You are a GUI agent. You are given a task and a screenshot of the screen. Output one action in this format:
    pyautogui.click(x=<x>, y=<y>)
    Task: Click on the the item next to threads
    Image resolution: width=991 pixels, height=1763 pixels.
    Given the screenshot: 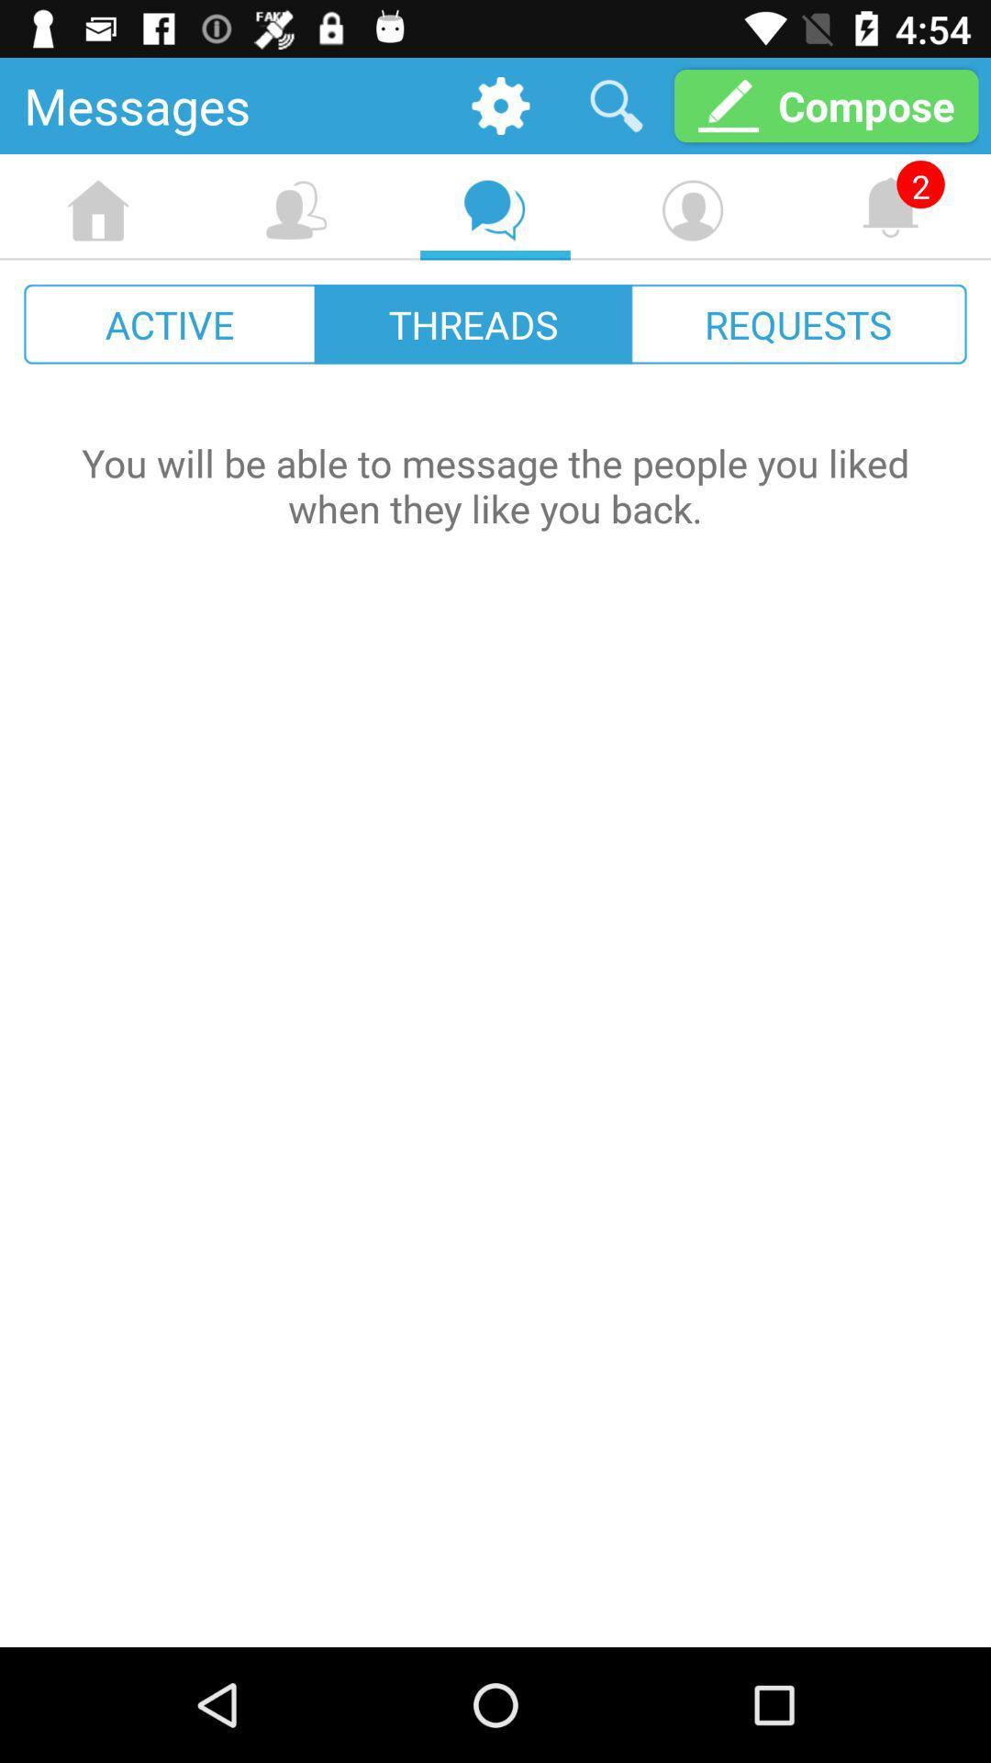 What is the action you would take?
    pyautogui.click(x=797, y=324)
    